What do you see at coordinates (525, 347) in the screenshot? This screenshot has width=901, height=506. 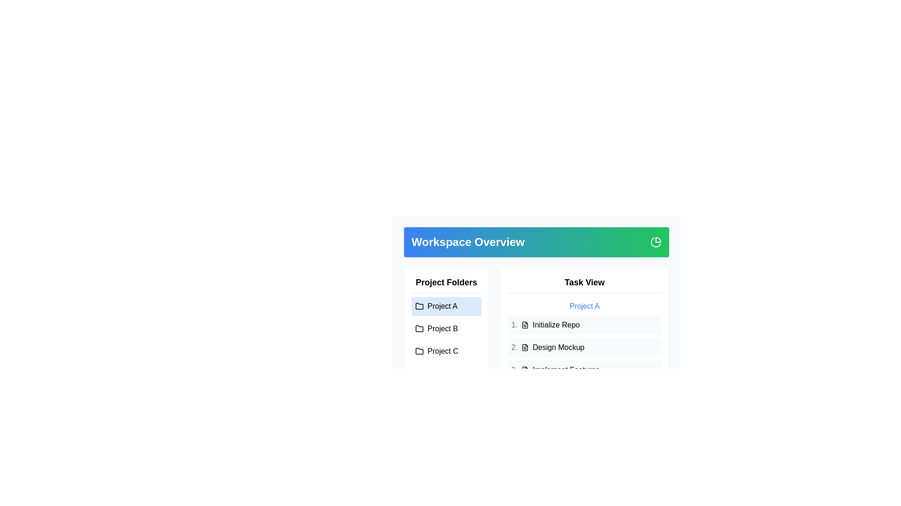 I see `the document icon in the task list that is adjacent to the text '2. Design Mockup'` at bounding box center [525, 347].